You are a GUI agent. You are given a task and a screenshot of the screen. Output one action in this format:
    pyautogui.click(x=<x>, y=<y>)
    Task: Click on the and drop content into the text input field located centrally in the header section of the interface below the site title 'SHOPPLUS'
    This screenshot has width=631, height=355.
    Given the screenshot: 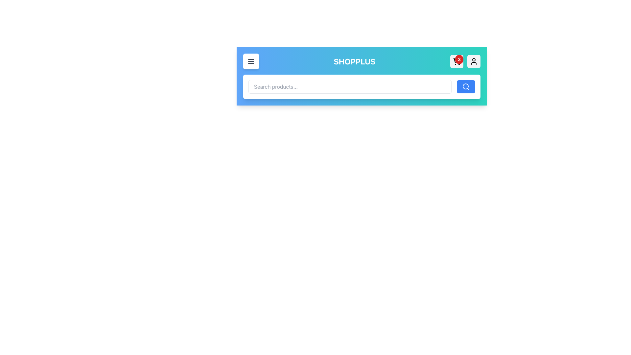 What is the action you would take?
    pyautogui.click(x=350, y=86)
    